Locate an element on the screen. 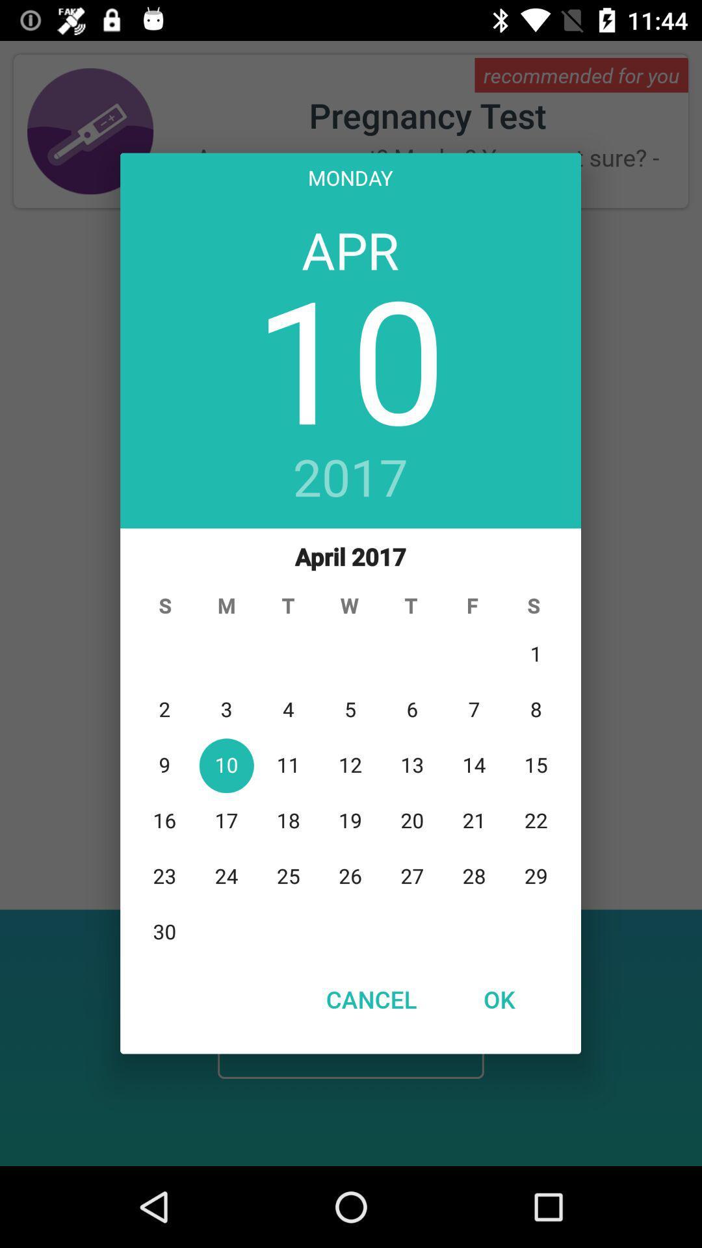 The image size is (702, 1248). ok button is located at coordinates (498, 998).